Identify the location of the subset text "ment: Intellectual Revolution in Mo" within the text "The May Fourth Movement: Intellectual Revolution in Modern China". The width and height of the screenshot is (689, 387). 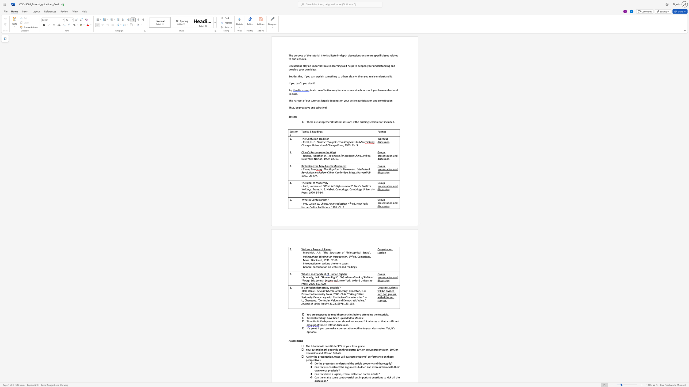
(349, 169).